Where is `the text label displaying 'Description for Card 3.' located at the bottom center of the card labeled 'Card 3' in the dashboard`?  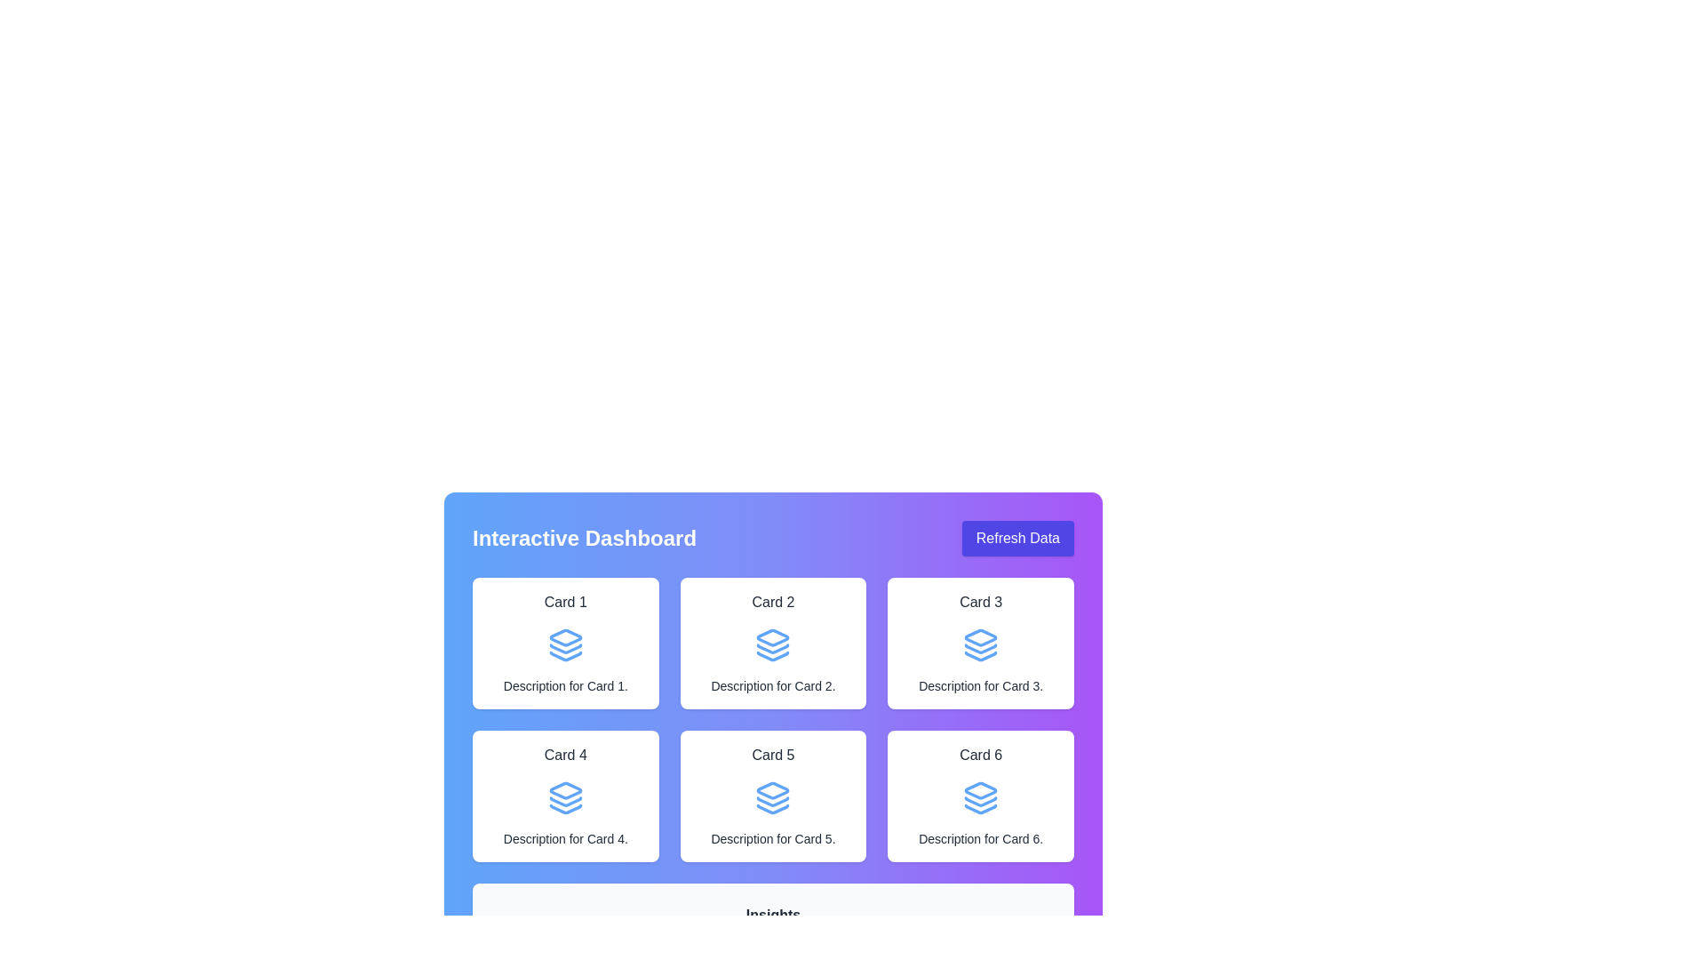 the text label displaying 'Description for Card 3.' located at the bottom center of the card labeled 'Card 3' in the dashboard is located at coordinates (980, 684).